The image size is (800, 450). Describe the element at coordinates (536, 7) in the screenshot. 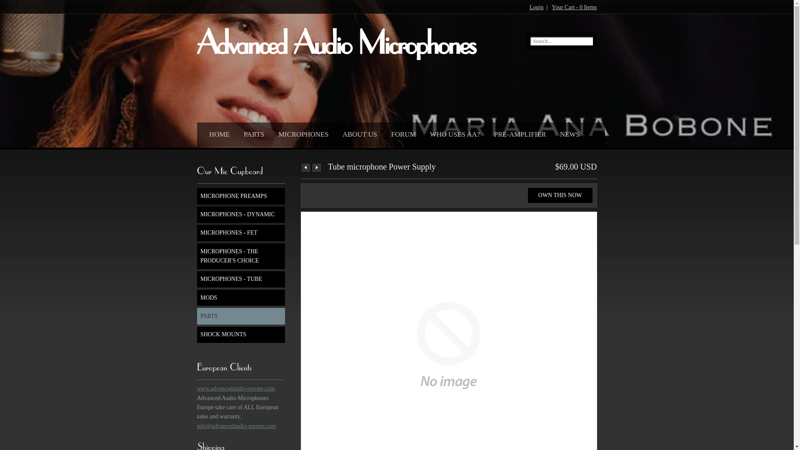

I see `'Login'` at that location.